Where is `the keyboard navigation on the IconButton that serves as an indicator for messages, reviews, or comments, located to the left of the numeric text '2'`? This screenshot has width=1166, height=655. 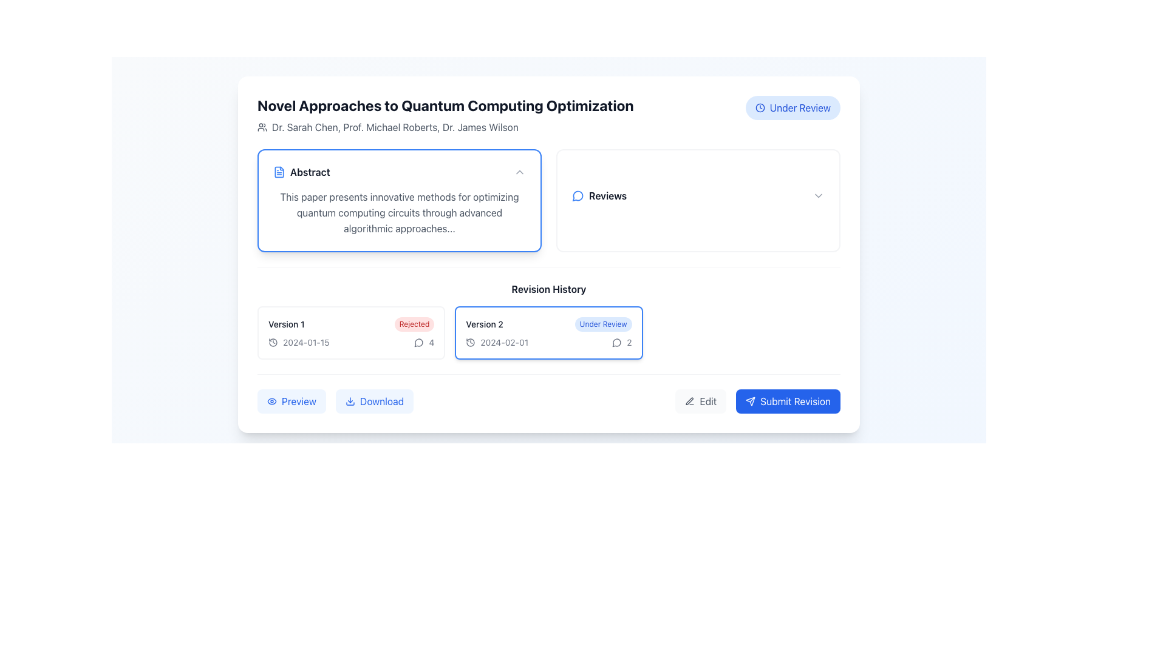 the keyboard navigation on the IconButton that serves as an indicator for messages, reviews, or comments, located to the left of the numeric text '2' is located at coordinates (617, 342).